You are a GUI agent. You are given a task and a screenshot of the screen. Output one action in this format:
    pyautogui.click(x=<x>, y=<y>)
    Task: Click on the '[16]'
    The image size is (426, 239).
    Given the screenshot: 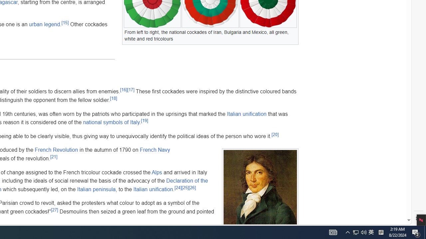 What is the action you would take?
    pyautogui.click(x=123, y=90)
    